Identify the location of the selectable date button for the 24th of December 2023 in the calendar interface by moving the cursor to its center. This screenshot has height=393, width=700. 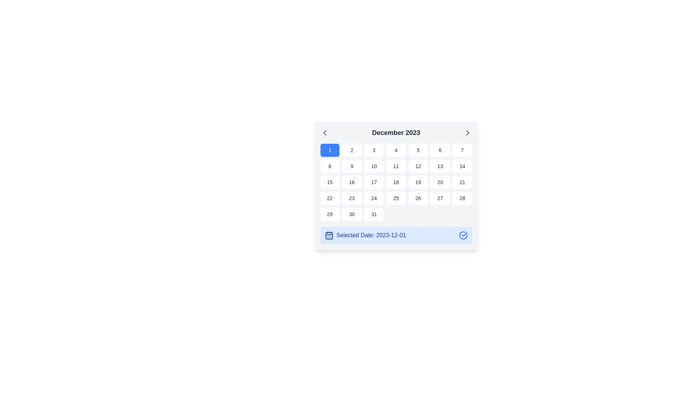
(374, 198).